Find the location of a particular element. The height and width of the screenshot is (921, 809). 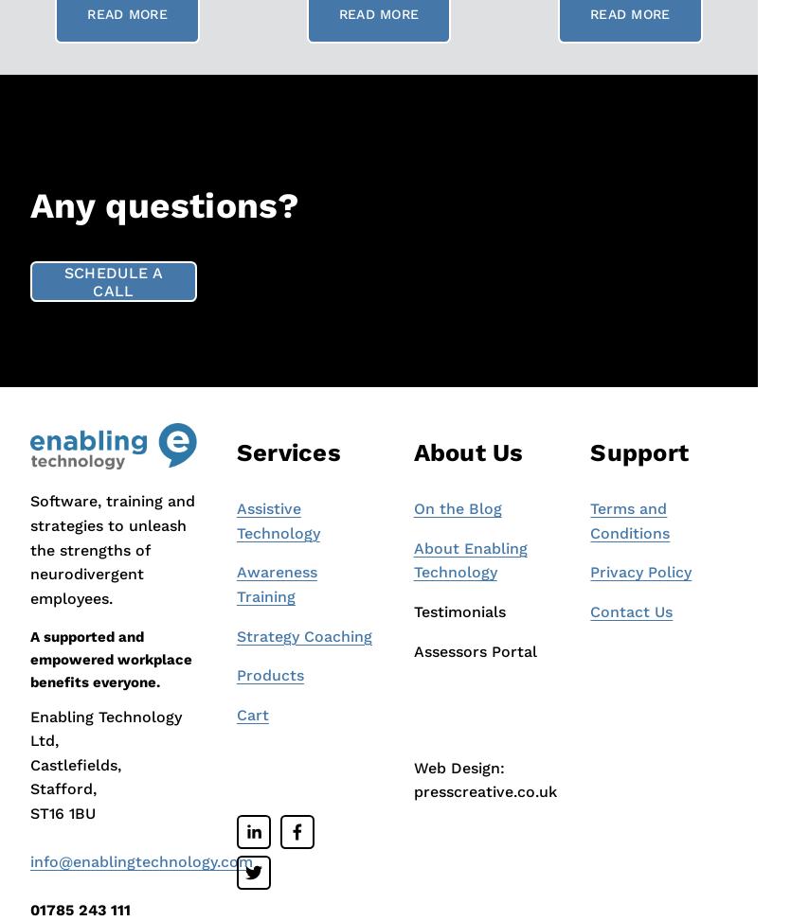

'Awareness Training' is located at coordinates (276, 584).